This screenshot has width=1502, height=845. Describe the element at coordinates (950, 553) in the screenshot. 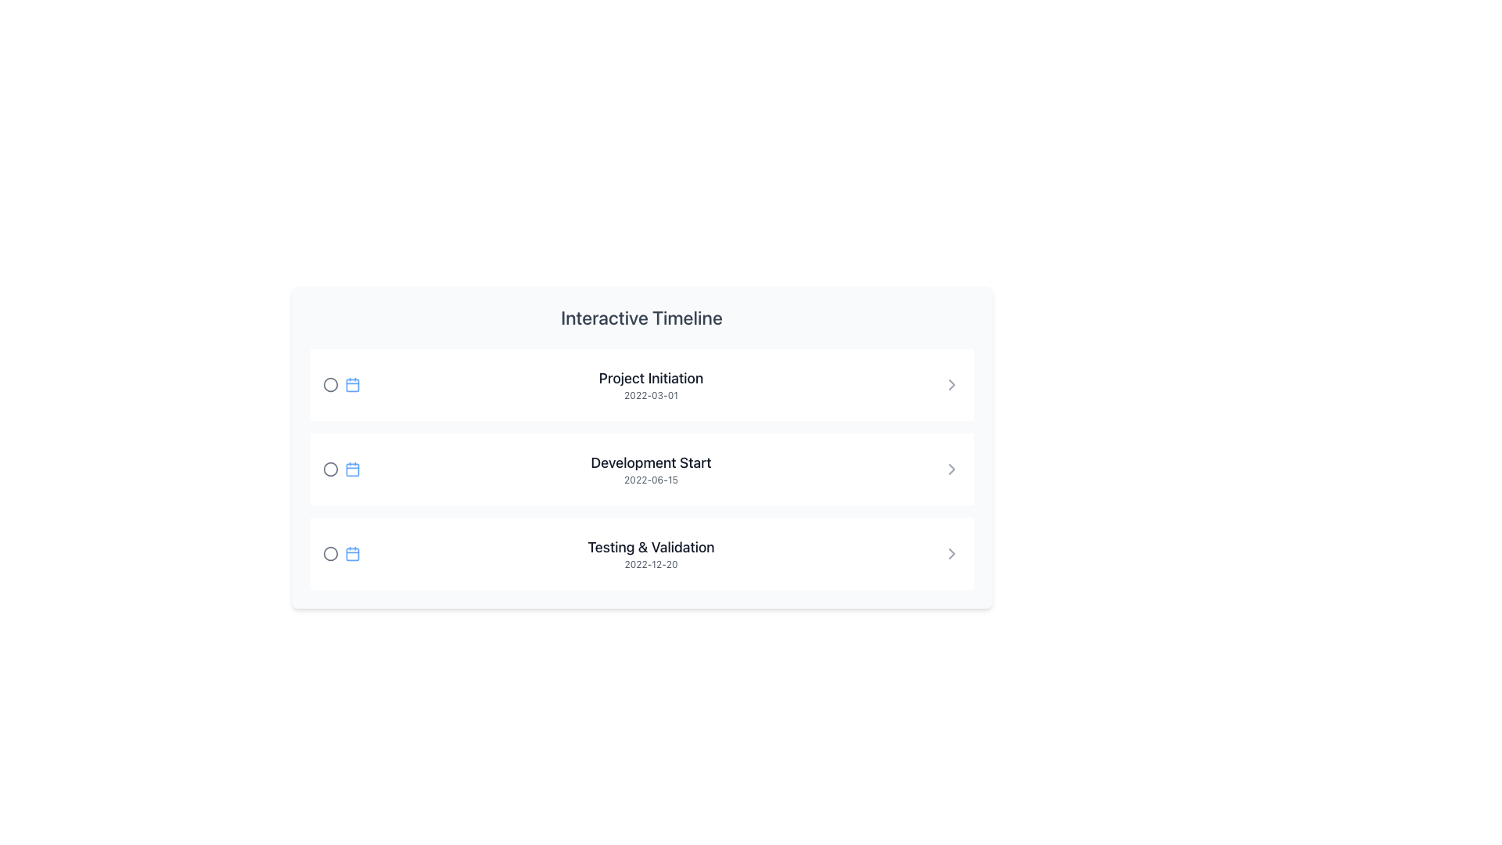

I see `the rightward-facing chevron icon in the 'Testing & Validation' section of the timeline interface` at that location.